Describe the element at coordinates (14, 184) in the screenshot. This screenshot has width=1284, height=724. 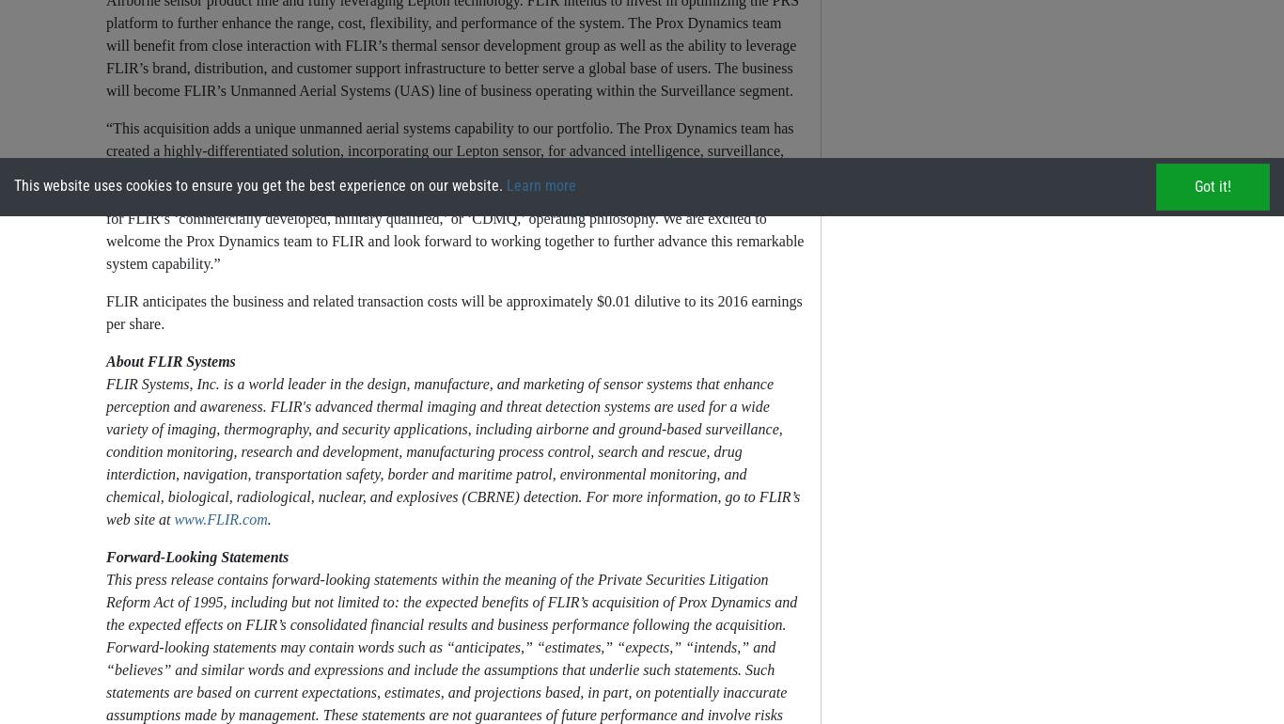
I see `'This website uses cookies to ensure you get the best experience on our website.'` at that location.